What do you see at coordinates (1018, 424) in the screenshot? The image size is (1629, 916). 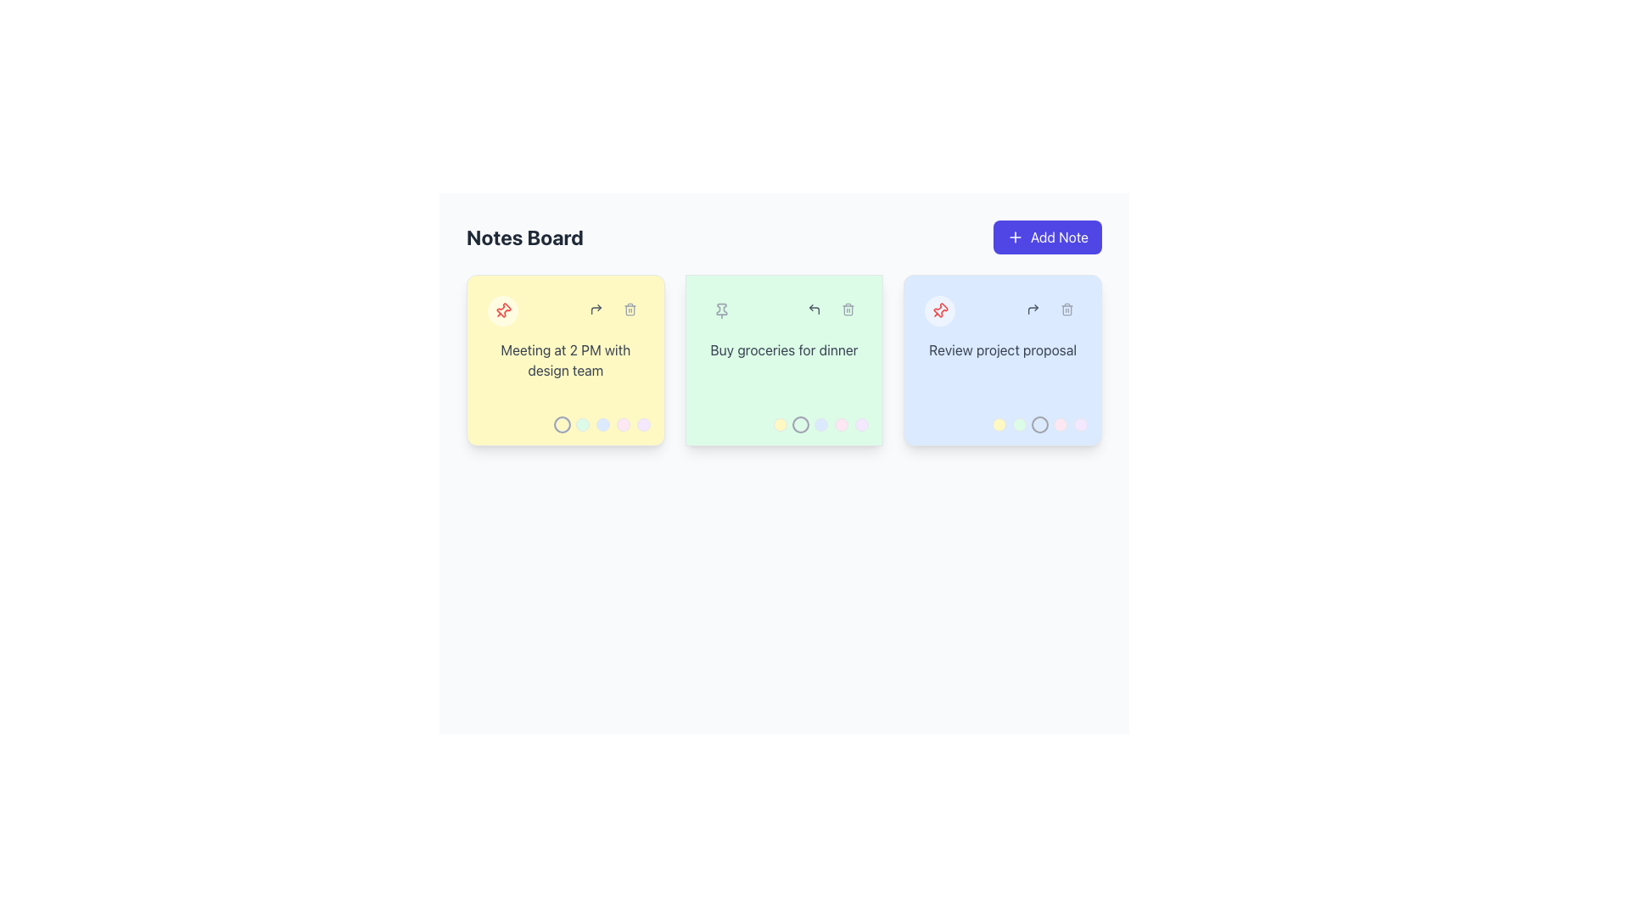 I see `the circular button with a green background and gray border, which is the second circle from the left in a row of five circles at the bottom right corner of the third card titled 'Review project proposal'` at bounding box center [1018, 424].